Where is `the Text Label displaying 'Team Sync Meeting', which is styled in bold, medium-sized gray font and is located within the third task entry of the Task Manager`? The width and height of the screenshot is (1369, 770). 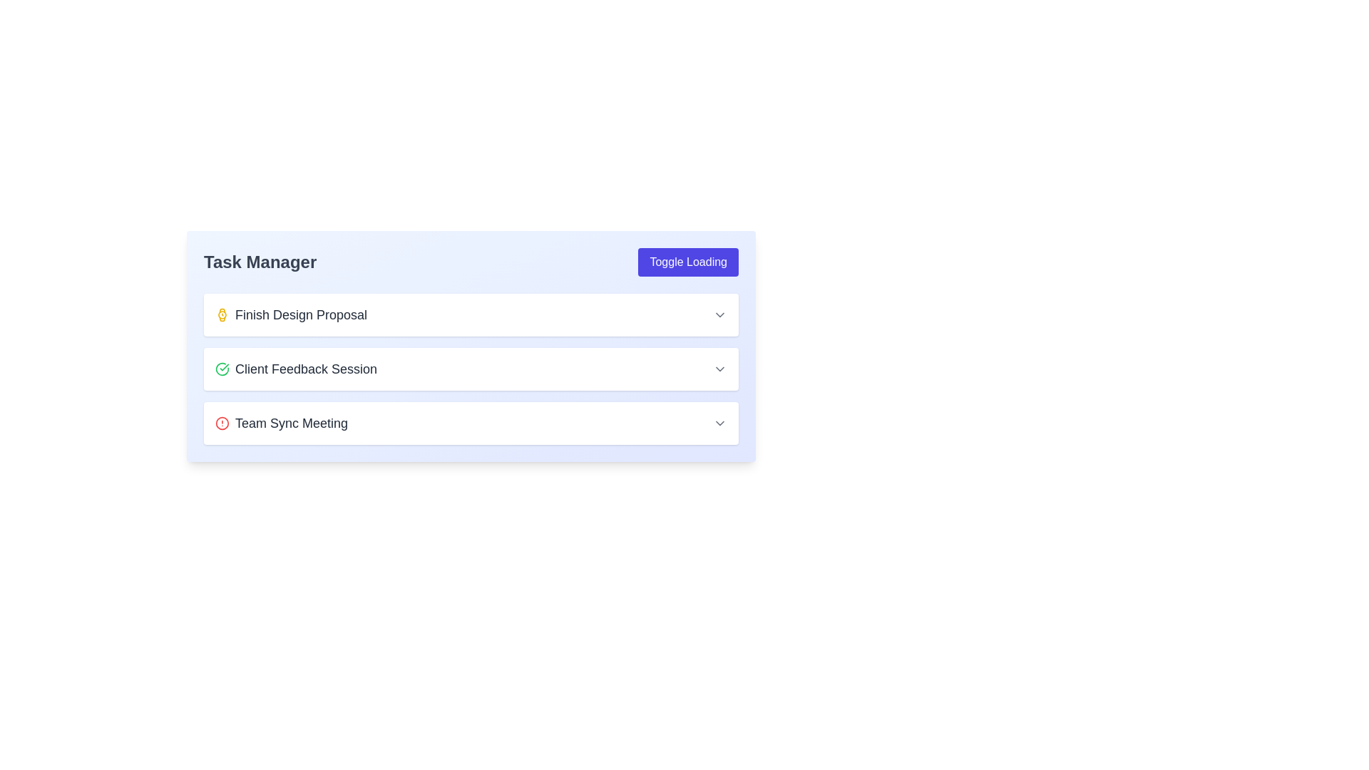 the Text Label displaying 'Team Sync Meeting', which is styled in bold, medium-sized gray font and is located within the third task entry of the Task Manager is located at coordinates (290, 423).